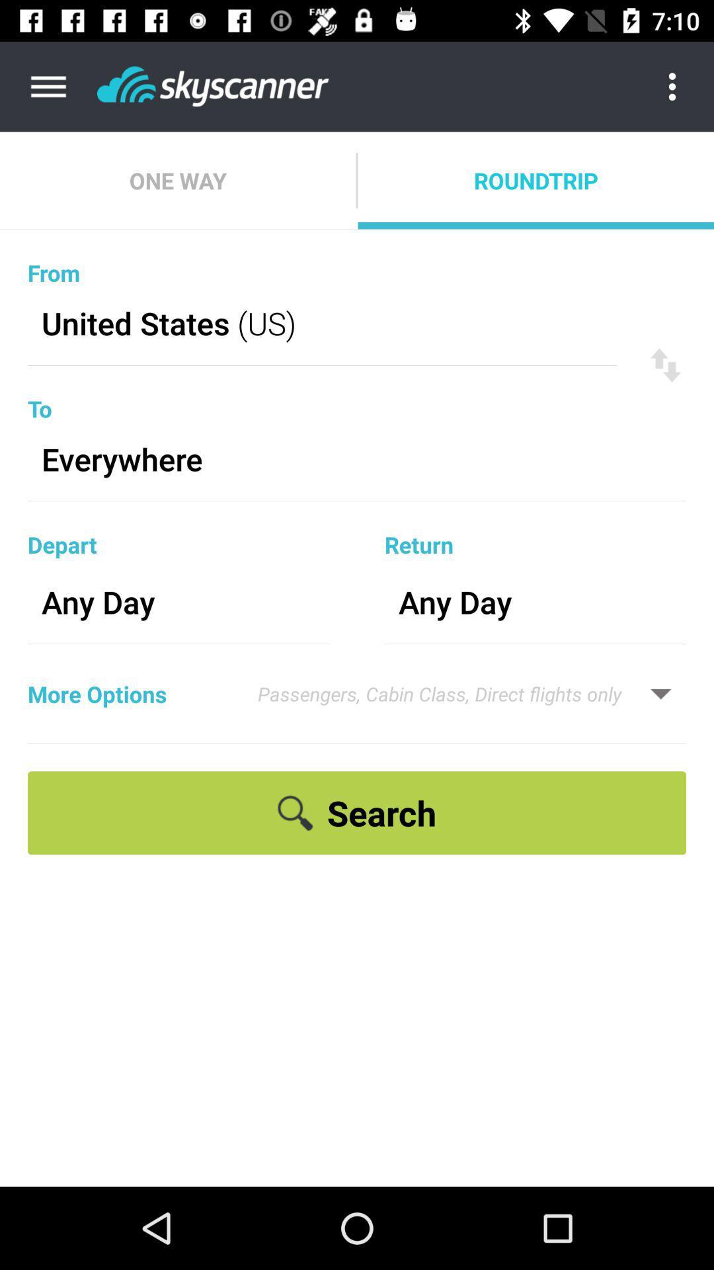  I want to click on the symbol which is right hand side of the text united statesus, so click(665, 365).